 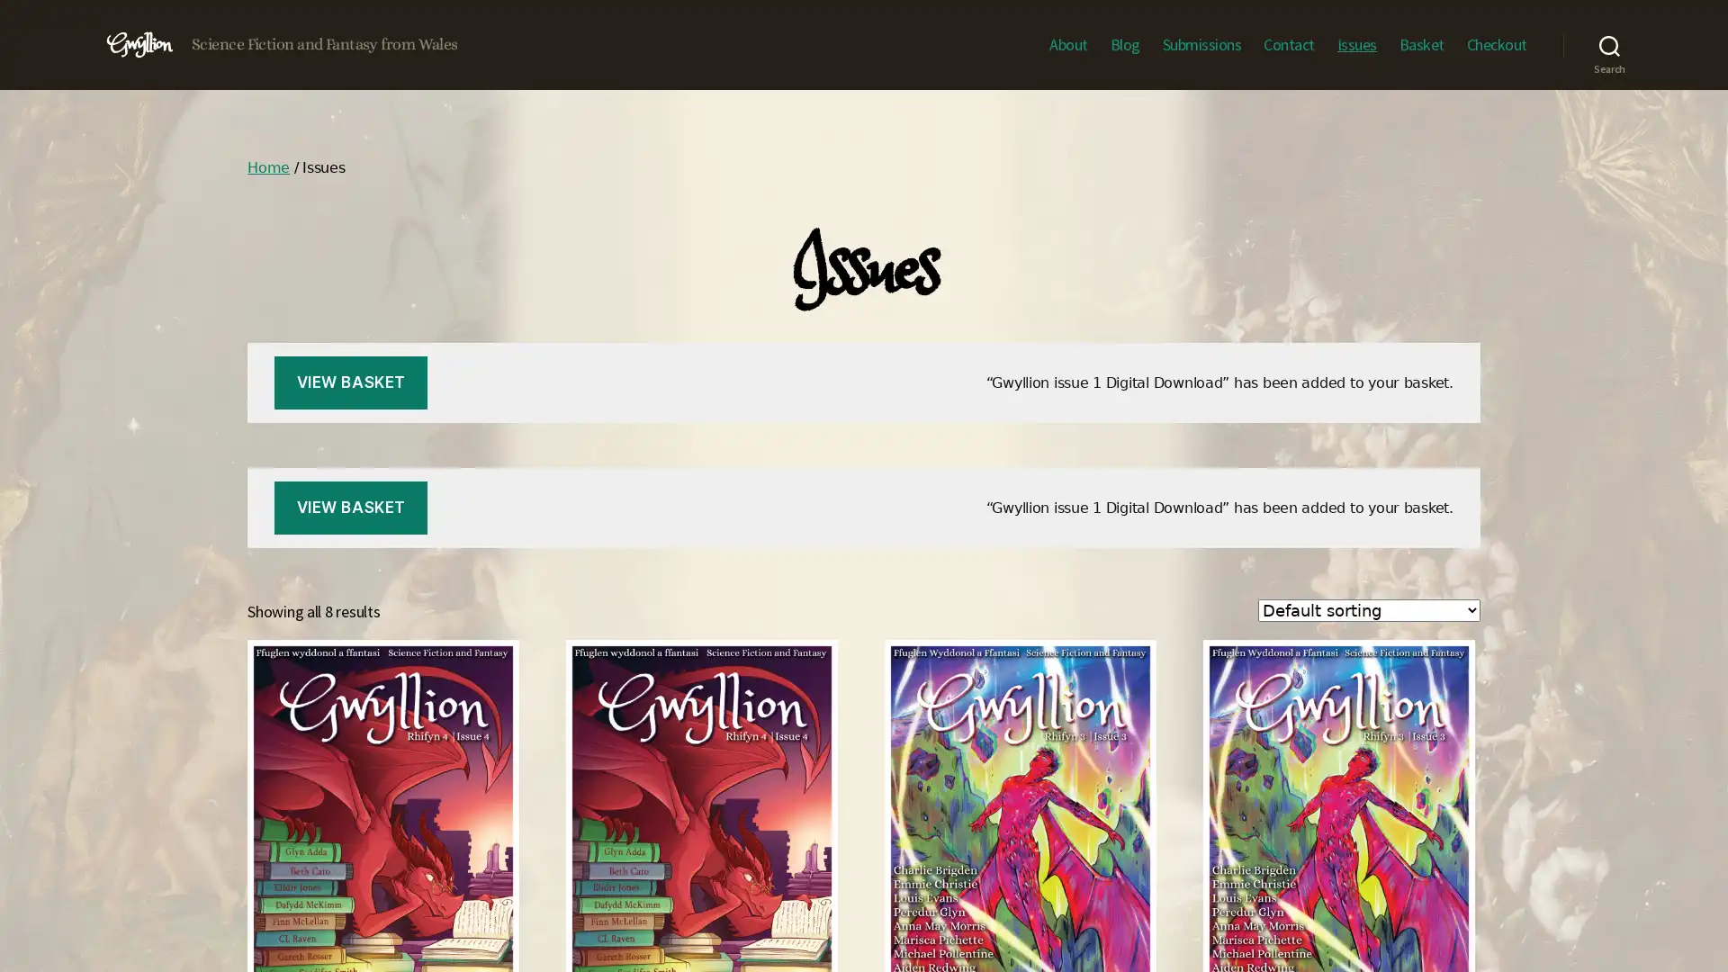 I want to click on Search, so click(x=1609, y=44).